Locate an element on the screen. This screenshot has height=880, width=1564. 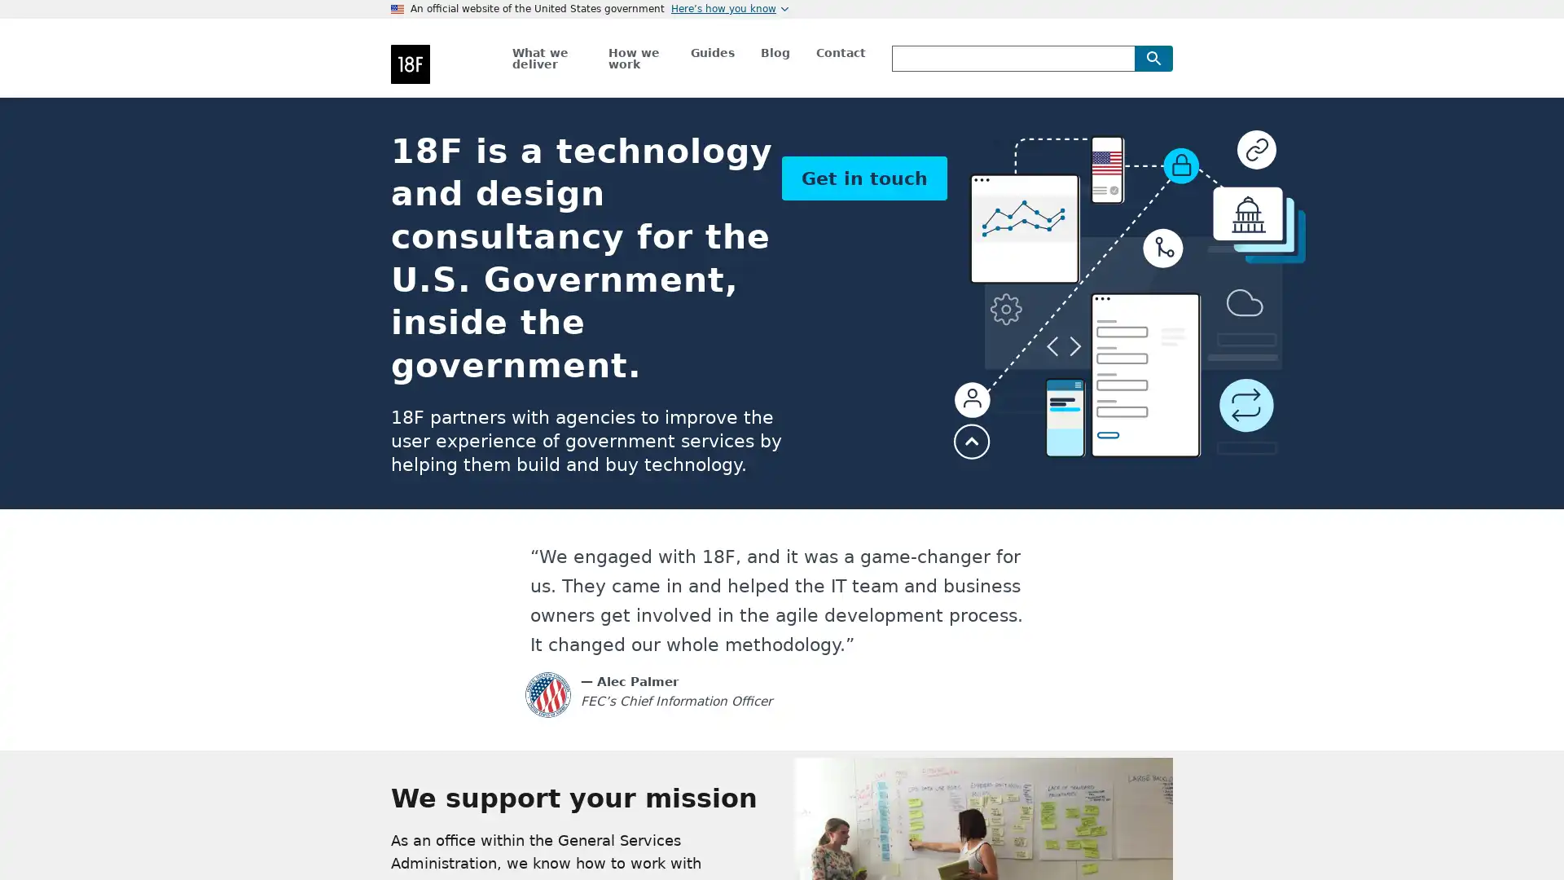
Search is located at coordinates (1153, 58).